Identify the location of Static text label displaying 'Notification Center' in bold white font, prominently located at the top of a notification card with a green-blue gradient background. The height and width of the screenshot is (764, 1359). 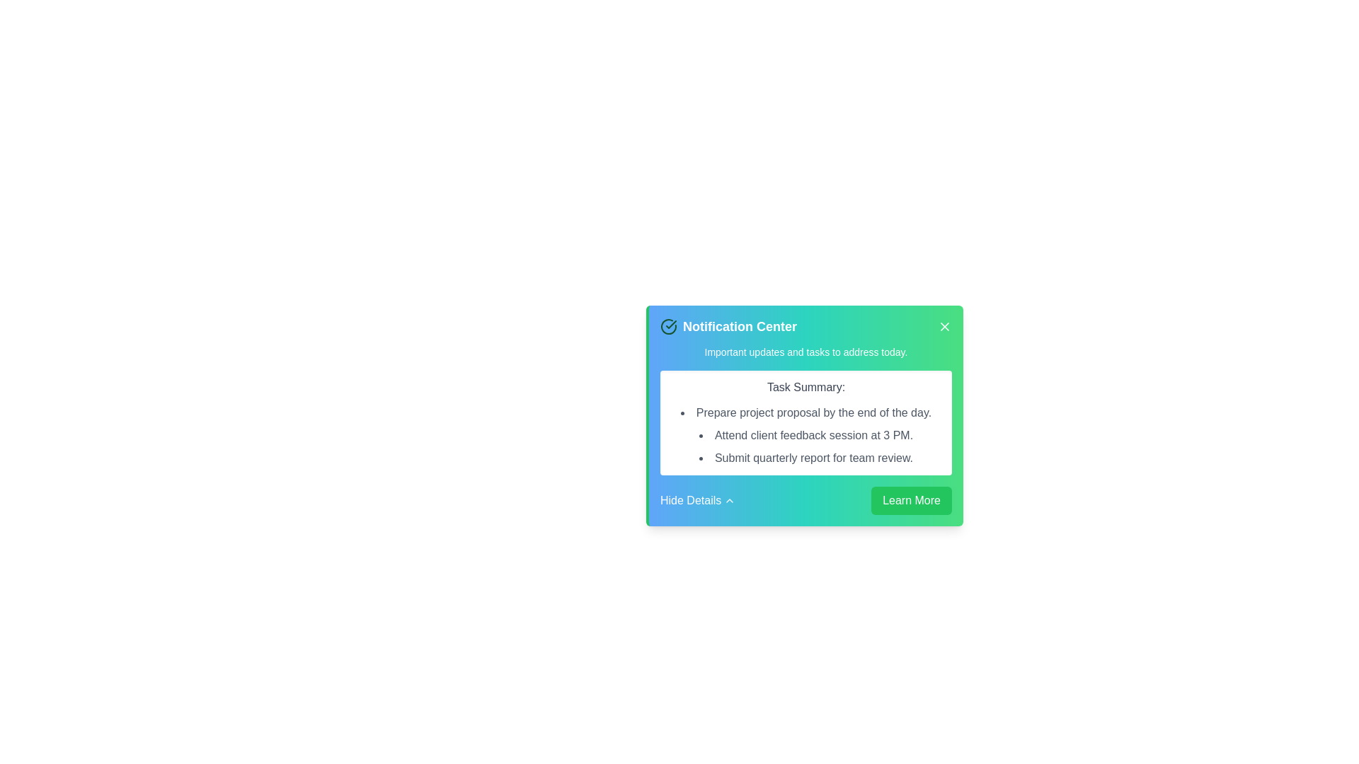
(739, 327).